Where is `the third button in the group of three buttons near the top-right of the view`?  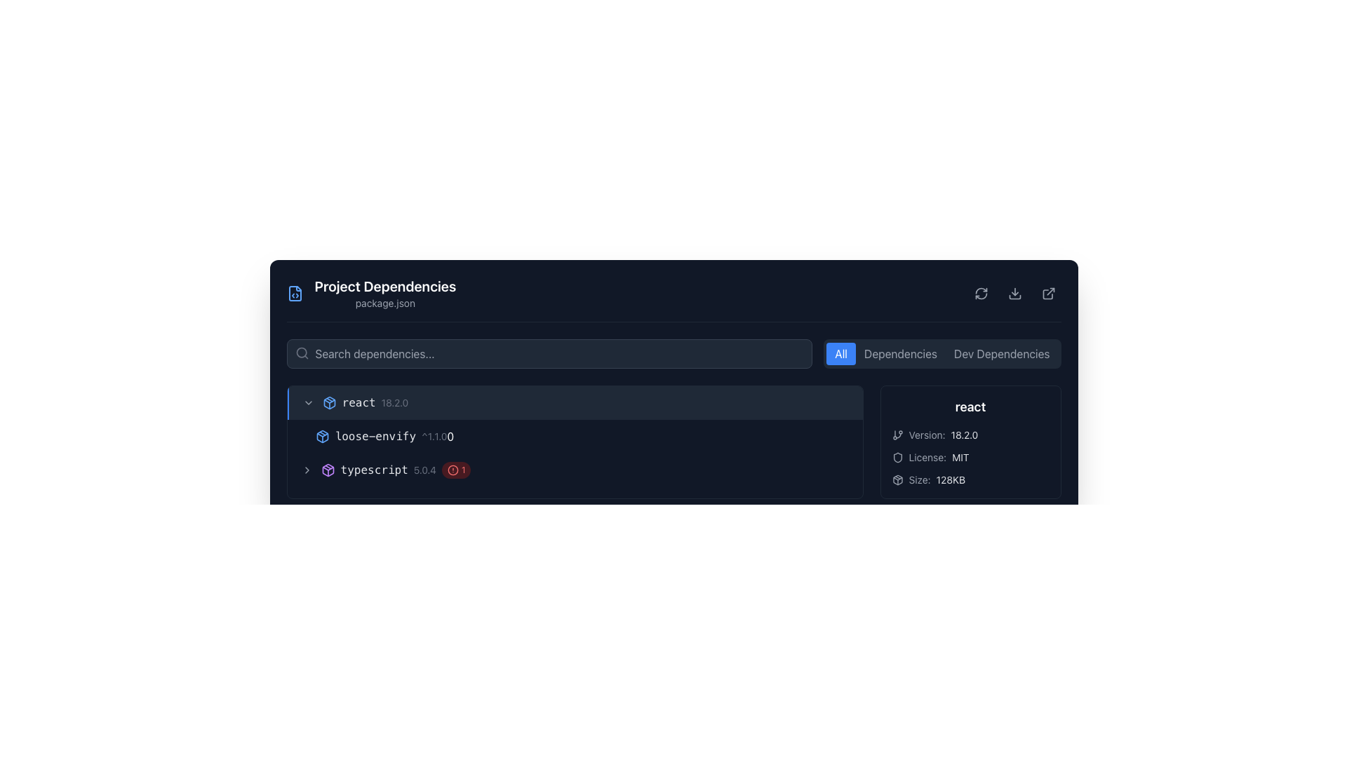 the third button in the group of three buttons near the top-right of the view is located at coordinates (1001, 353).